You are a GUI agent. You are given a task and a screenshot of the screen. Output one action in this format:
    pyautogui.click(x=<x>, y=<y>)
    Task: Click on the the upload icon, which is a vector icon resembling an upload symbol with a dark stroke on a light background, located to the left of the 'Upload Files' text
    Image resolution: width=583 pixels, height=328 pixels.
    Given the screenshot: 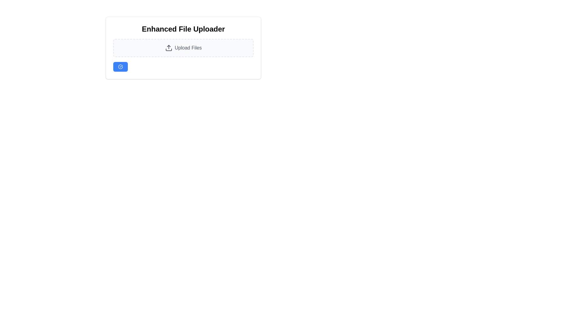 What is the action you would take?
    pyautogui.click(x=169, y=48)
    